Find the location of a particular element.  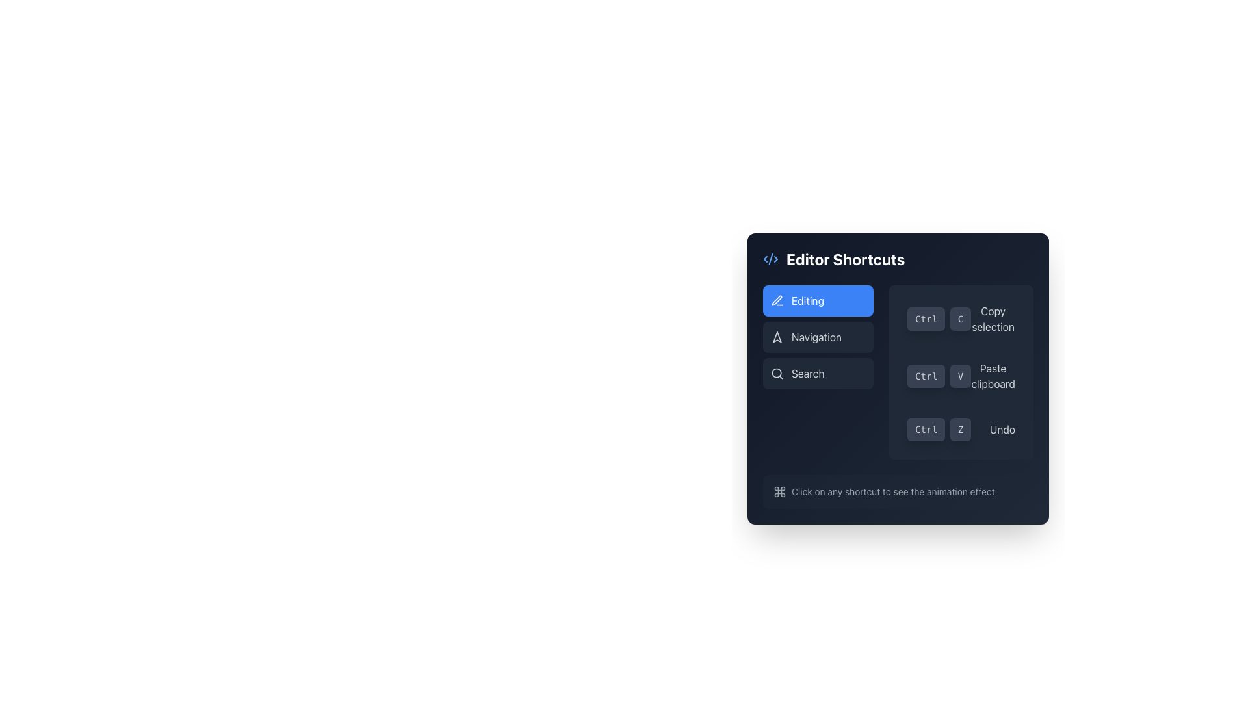

the icon located to the immediate left of the text 'Editor Shortcuts' in the header of the panel, which represents code or development-related shortcuts is located at coordinates (770, 259).